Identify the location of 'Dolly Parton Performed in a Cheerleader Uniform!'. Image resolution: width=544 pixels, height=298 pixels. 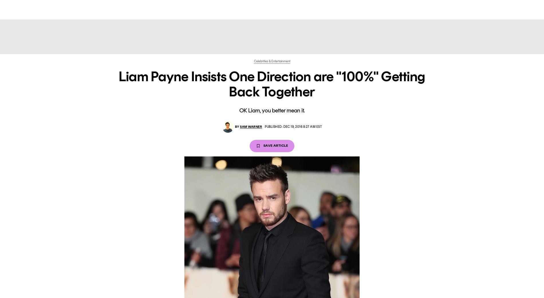
(145, 220).